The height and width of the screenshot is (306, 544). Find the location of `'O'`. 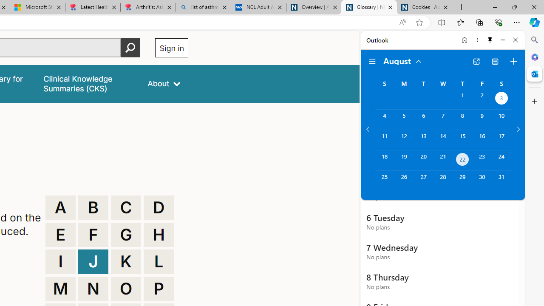

'O' is located at coordinates (125, 288).